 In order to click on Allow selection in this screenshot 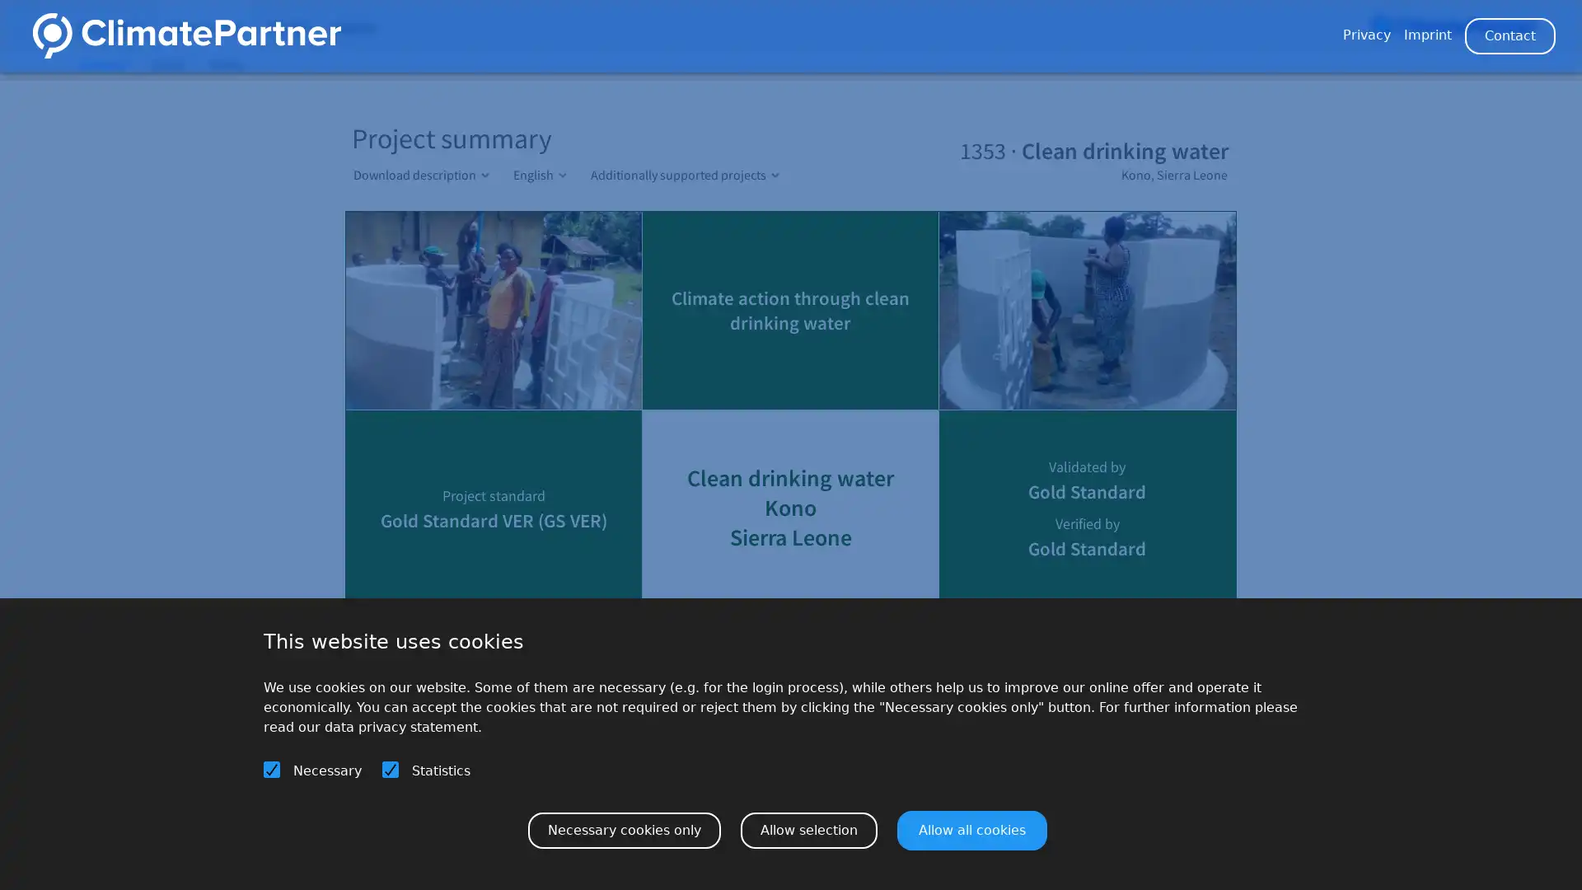, I will do `click(809, 829)`.